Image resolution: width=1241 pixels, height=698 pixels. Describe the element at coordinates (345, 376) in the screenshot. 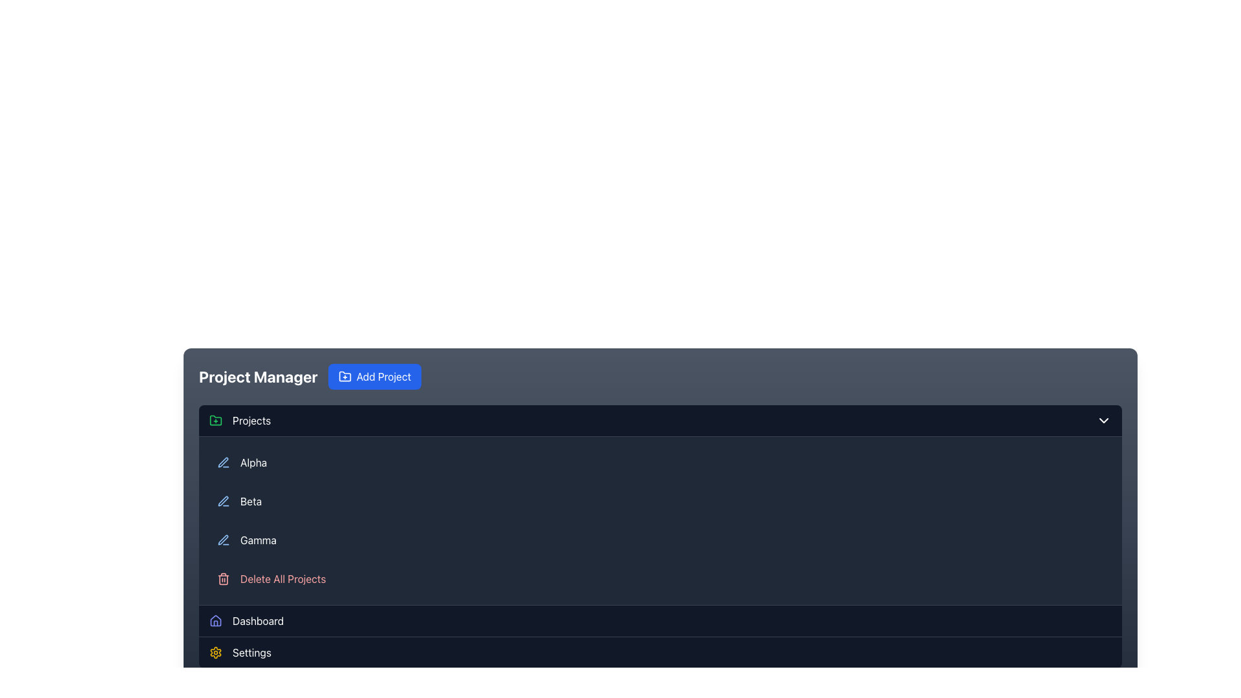

I see `the blue folder icon located near the top-right corner of the interface, slightly below the 'Project Manager' title and adjacent to the 'Add Project' button` at that location.